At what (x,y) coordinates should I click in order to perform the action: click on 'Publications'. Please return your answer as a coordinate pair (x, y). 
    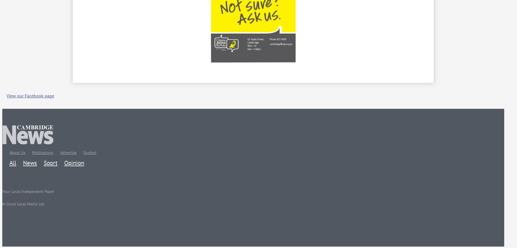
    Looking at the image, I should click on (43, 152).